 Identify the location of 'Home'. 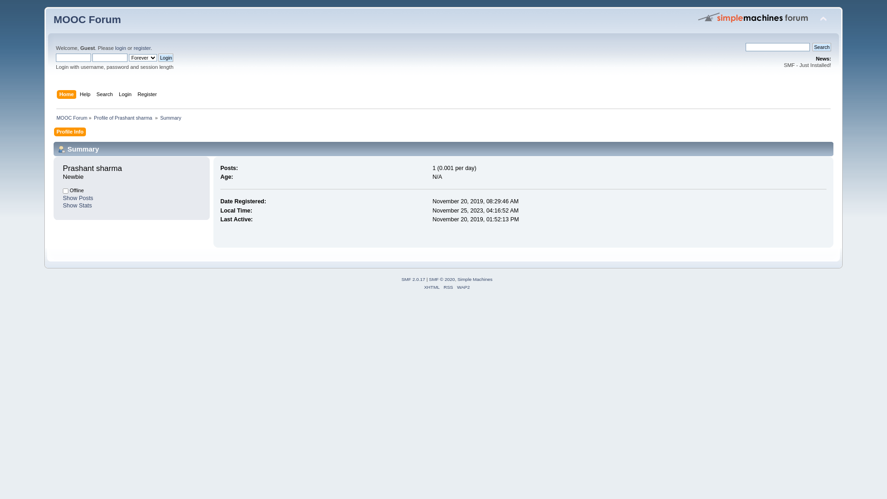
(67, 95).